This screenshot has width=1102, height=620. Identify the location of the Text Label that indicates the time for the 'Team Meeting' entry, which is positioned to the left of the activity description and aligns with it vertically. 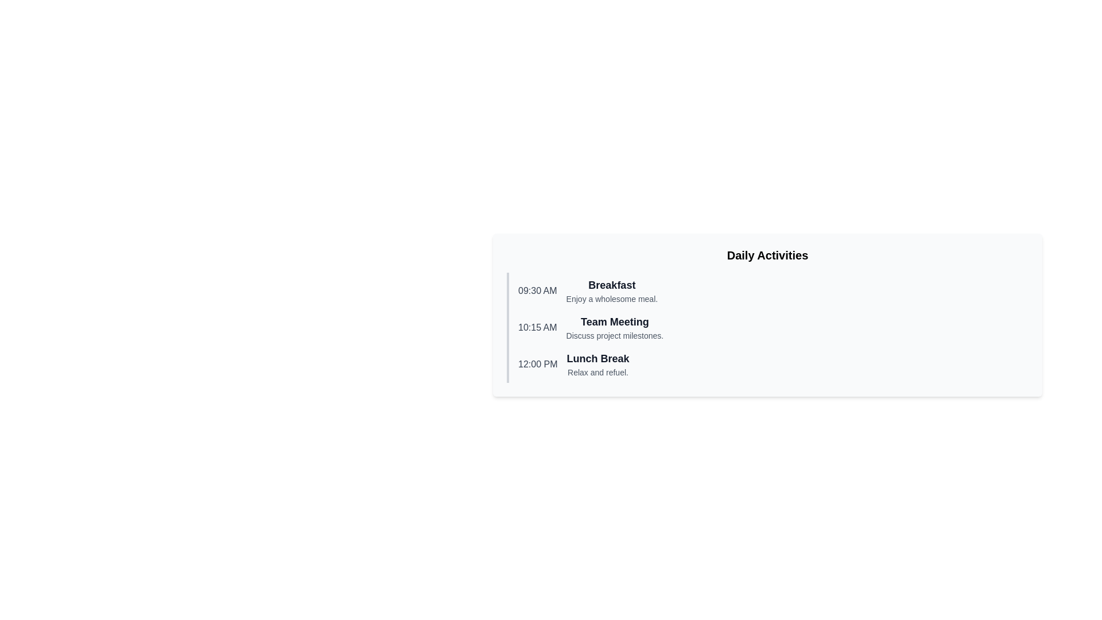
(537, 327).